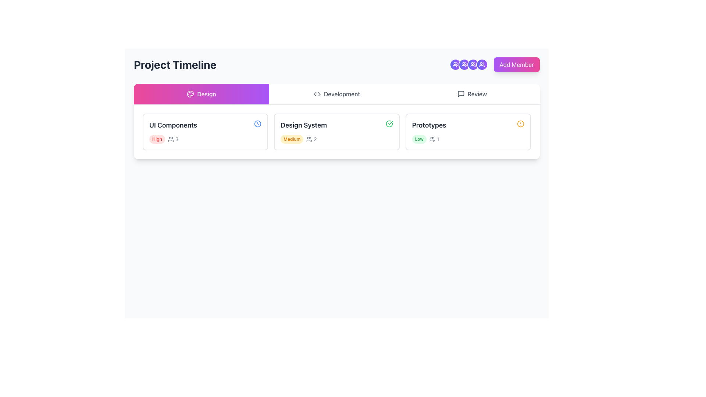  What do you see at coordinates (520, 123) in the screenshot?
I see `circular alert icon with an amber border located next to the 'Prototypes' text label by clicking on it` at bounding box center [520, 123].